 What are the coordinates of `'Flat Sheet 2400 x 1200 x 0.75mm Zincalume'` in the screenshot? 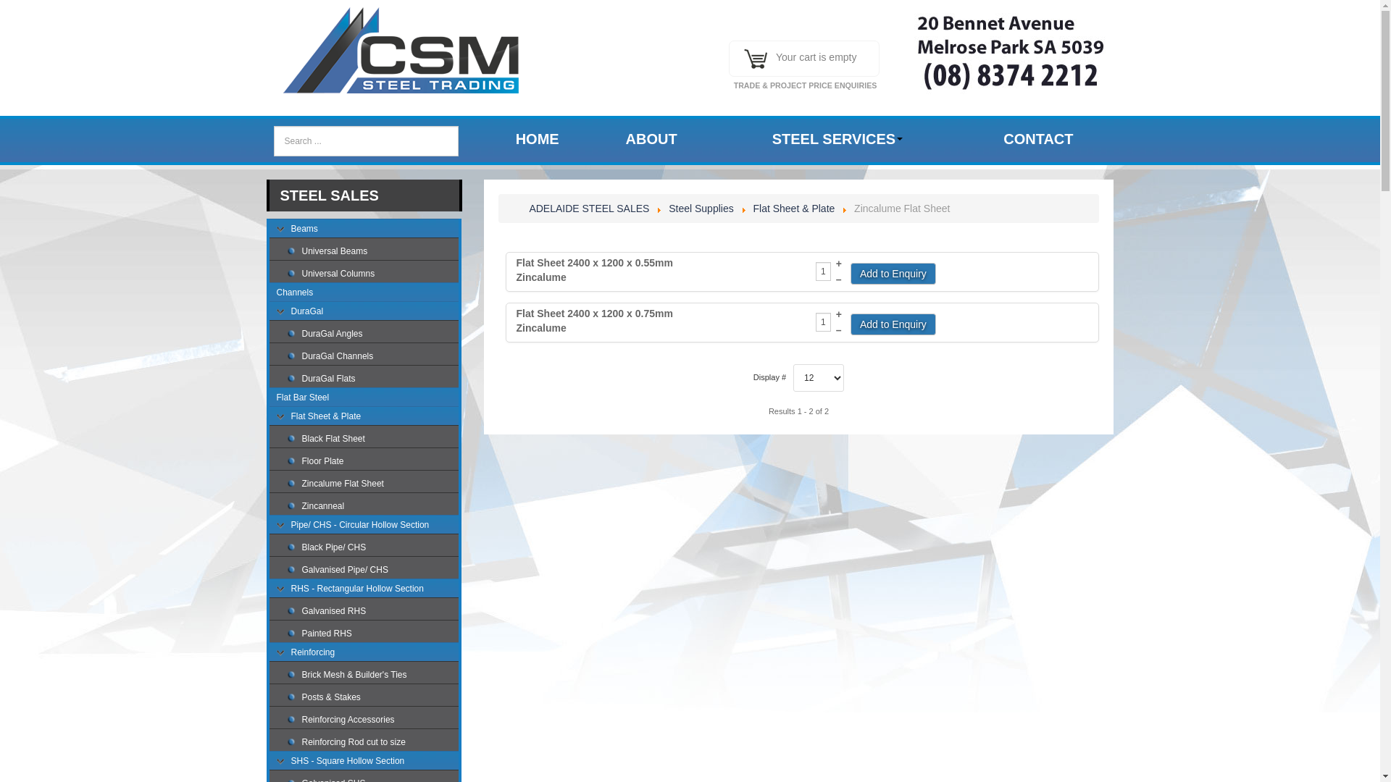 It's located at (601, 320).